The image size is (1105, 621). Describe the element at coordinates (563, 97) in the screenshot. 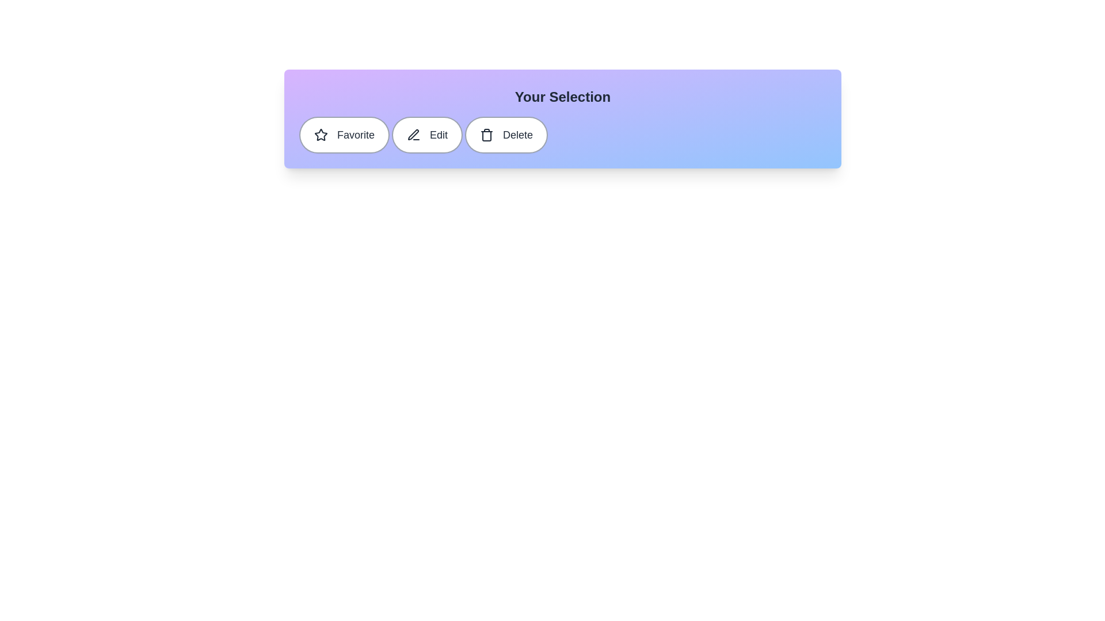

I see `the 'Your Selection' heading text` at that location.